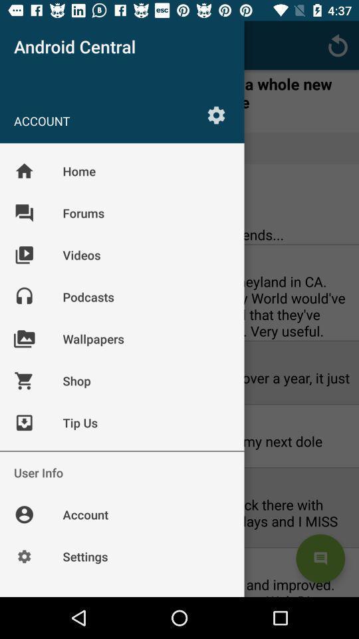 This screenshot has width=359, height=639. I want to click on the chat icon, so click(320, 558).